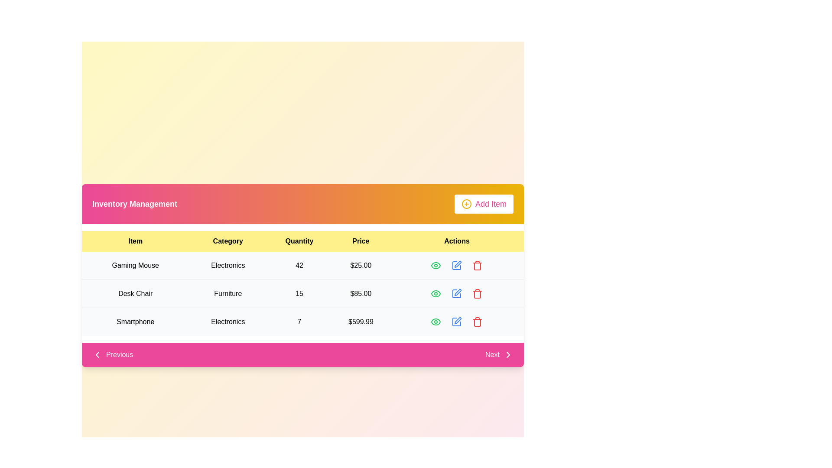 The width and height of the screenshot is (832, 468). What do you see at coordinates (477, 293) in the screenshot?
I see `the delete button in the 'Actions' column of the second row` at bounding box center [477, 293].